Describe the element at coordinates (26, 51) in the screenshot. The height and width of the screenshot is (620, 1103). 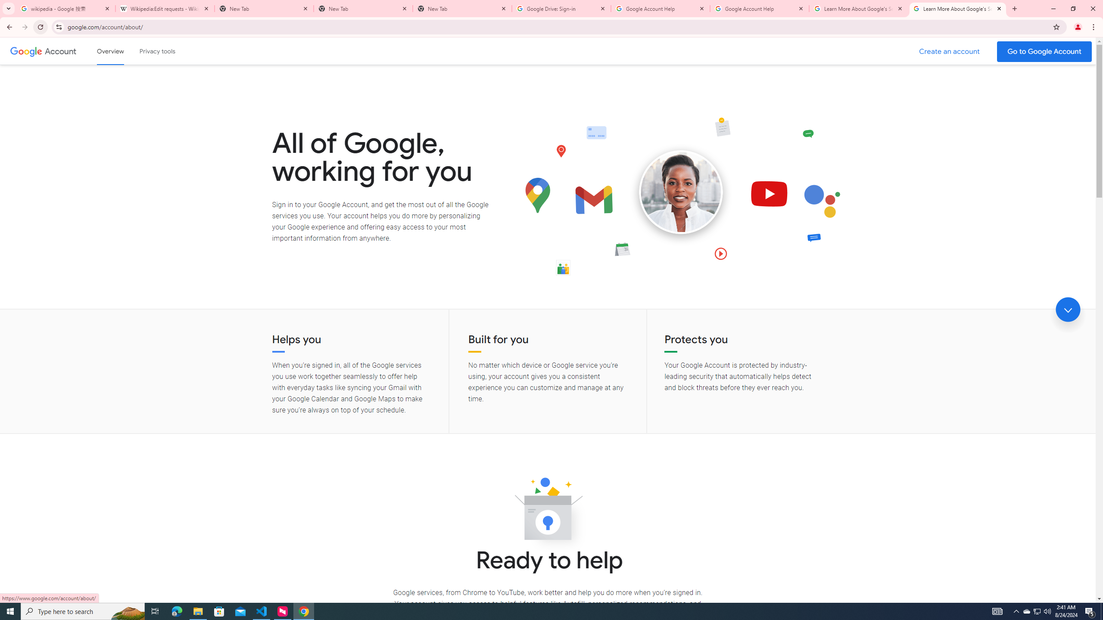
I see `'Google logo'` at that location.